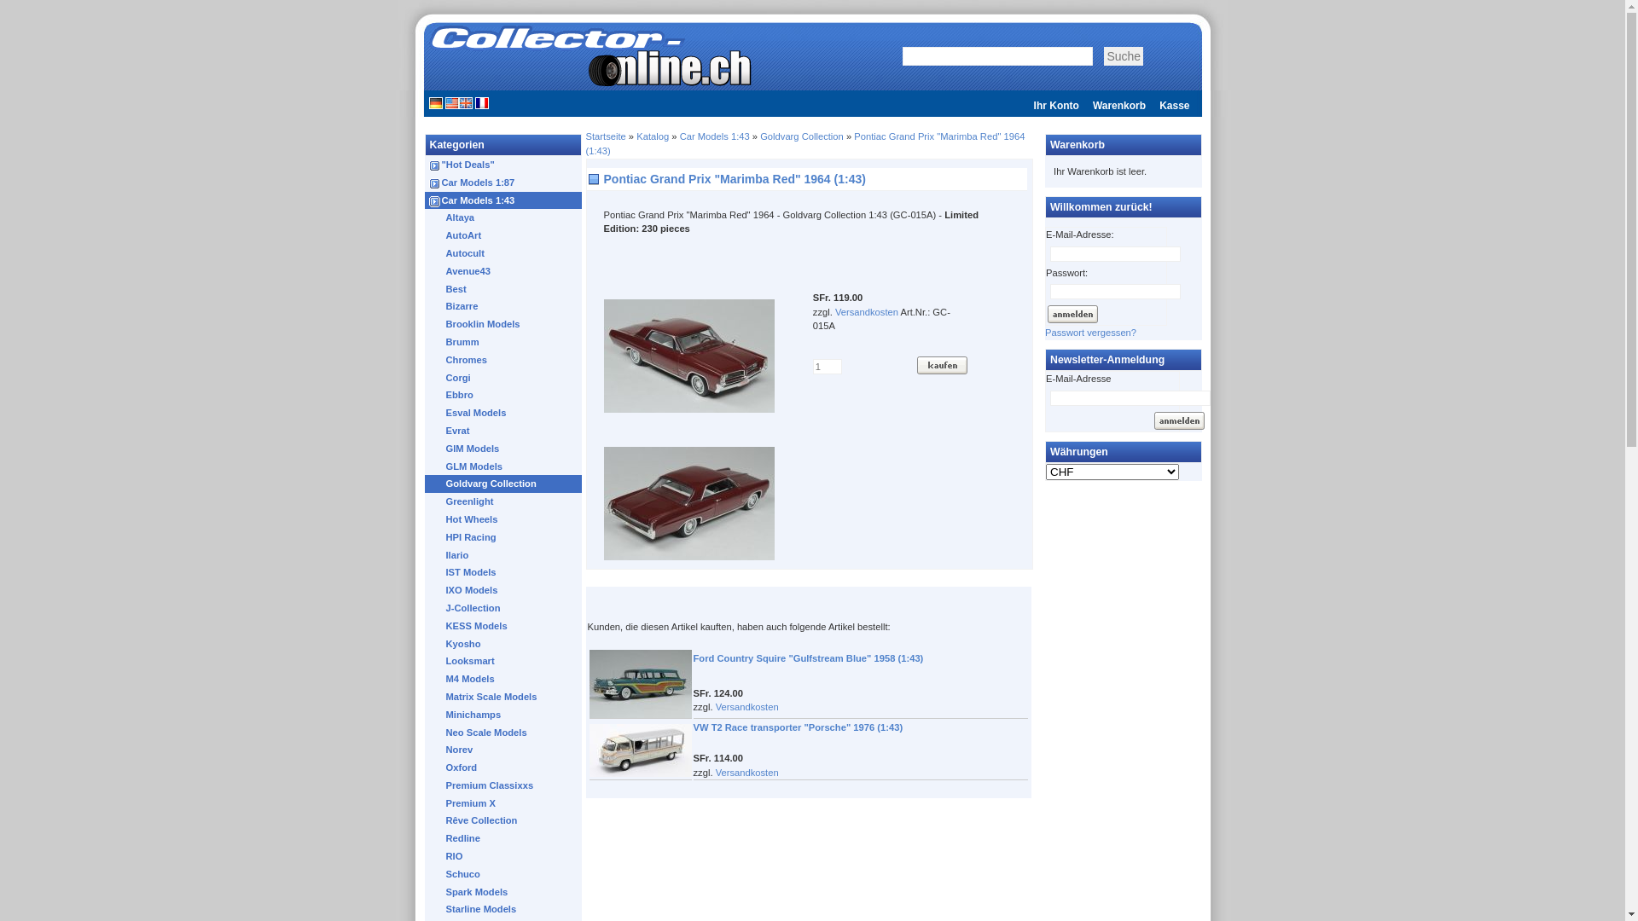  Describe the element at coordinates (941, 364) in the screenshot. I see `' In den Warenkorb '` at that location.